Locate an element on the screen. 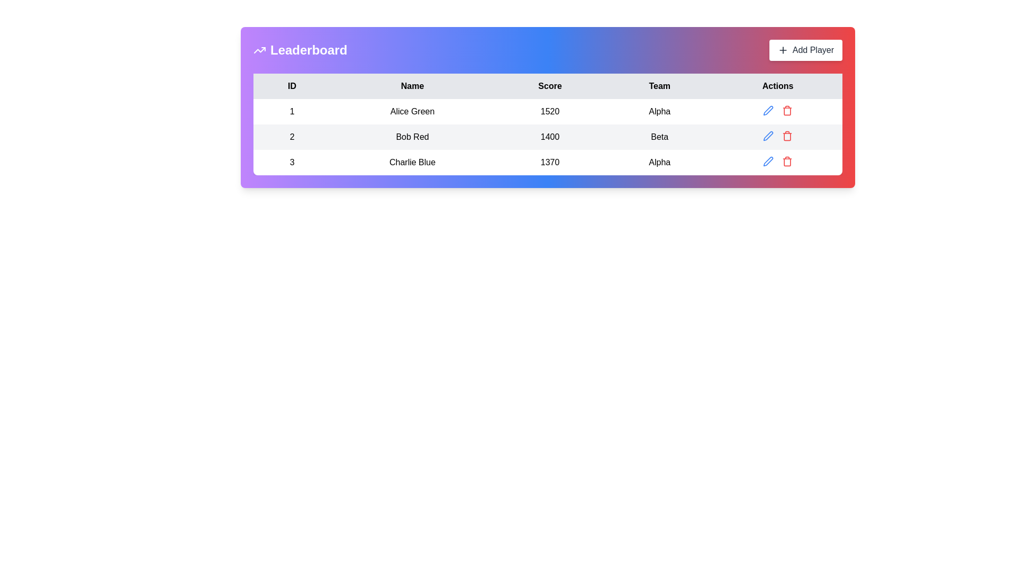  the table cell that represents the ID number for the user 'Alice Green', which is located directly to the left of the cell containing 'Alice Green' is located at coordinates (292, 112).